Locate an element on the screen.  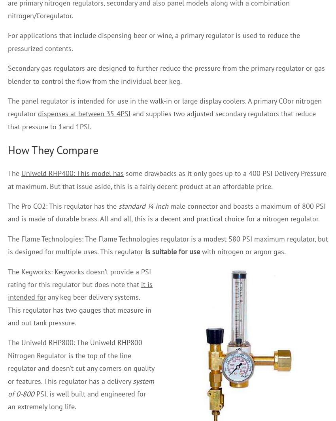
'How They Compare' is located at coordinates (53, 149).